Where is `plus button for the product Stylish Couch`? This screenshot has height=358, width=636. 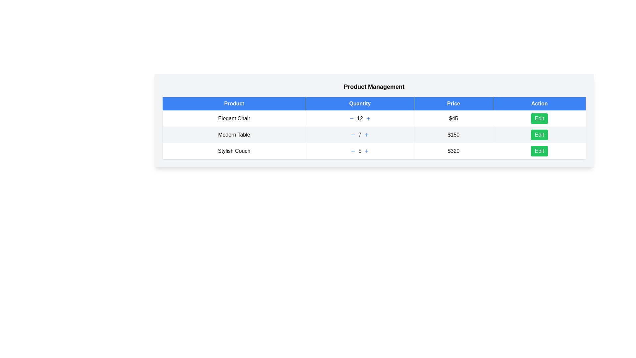 plus button for the product Stylish Couch is located at coordinates (366, 151).